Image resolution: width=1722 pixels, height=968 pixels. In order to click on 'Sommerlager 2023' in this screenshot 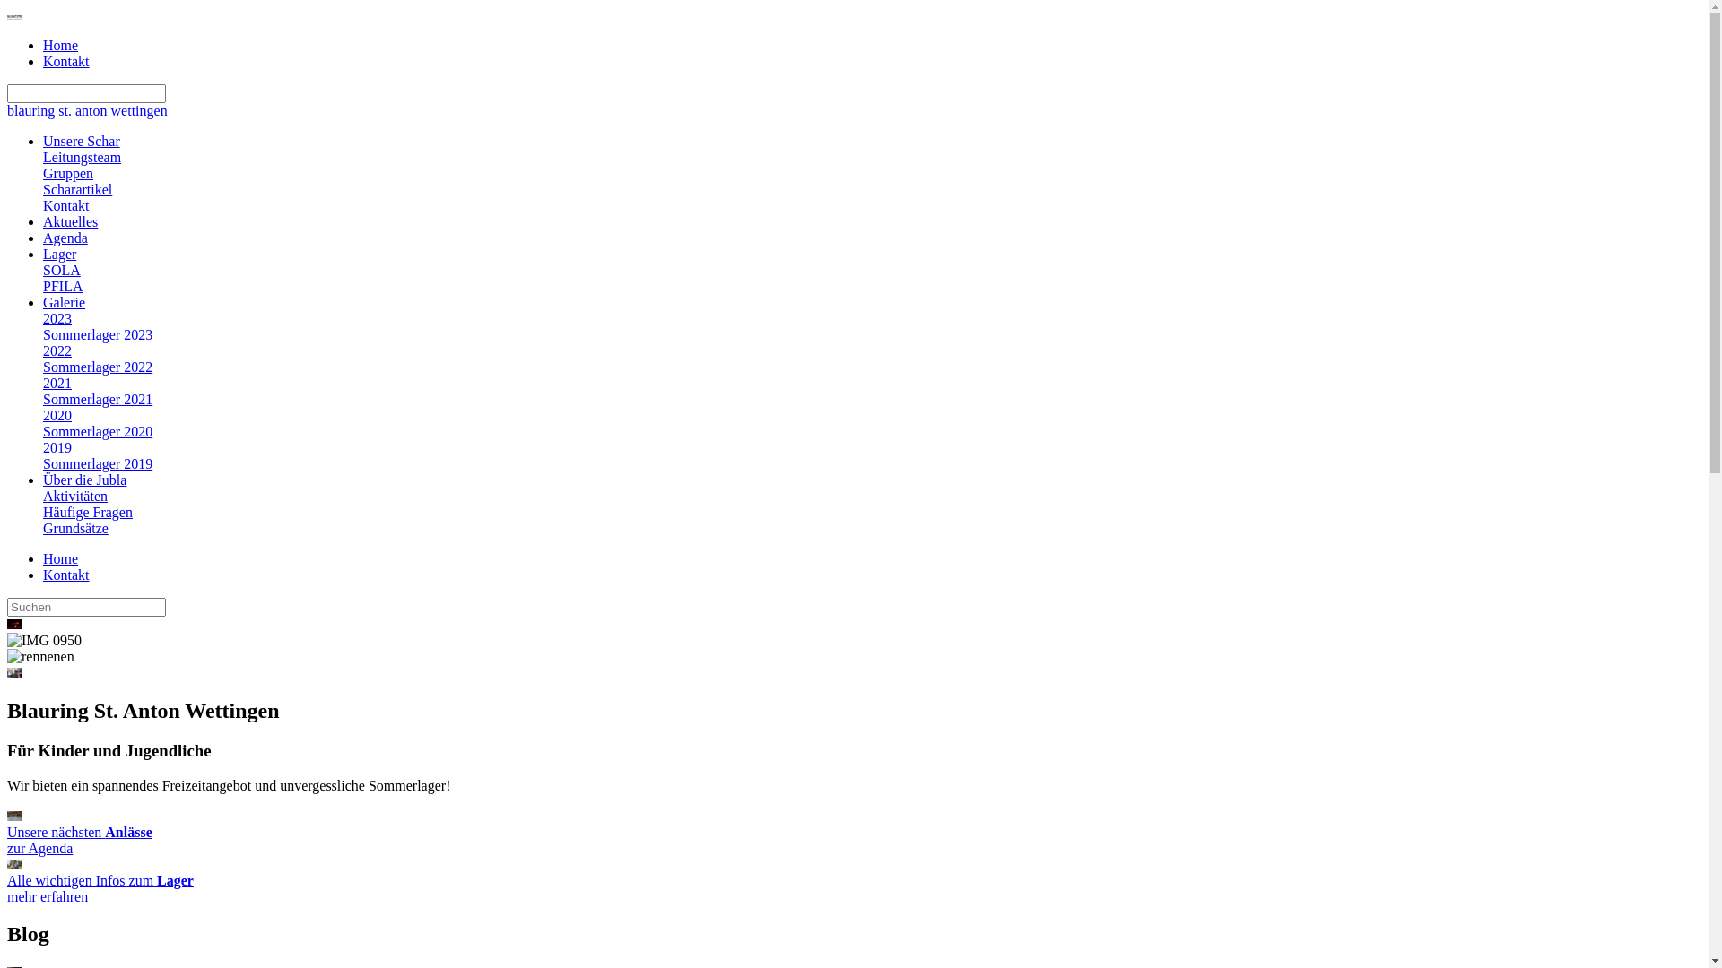, I will do `click(97, 334)`.